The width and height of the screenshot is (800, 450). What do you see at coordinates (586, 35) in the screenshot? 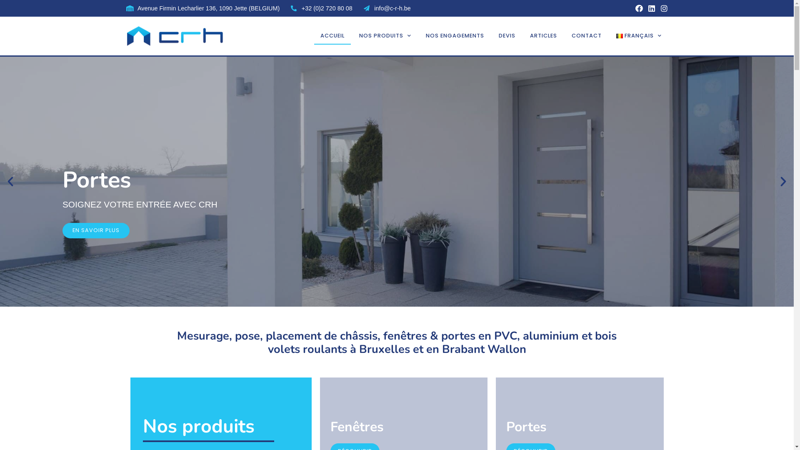
I see `'CONTACT'` at bounding box center [586, 35].